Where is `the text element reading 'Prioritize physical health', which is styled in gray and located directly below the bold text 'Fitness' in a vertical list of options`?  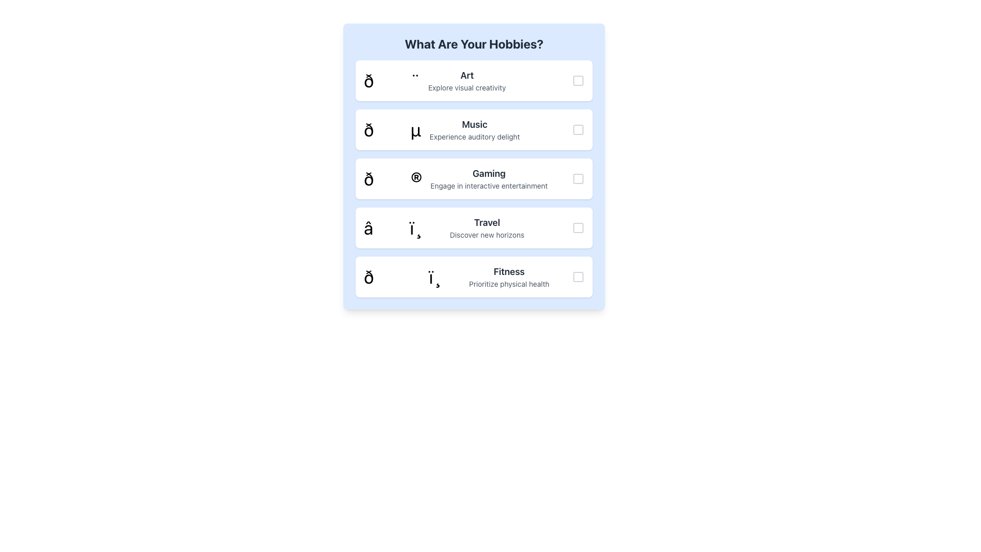 the text element reading 'Prioritize physical health', which is styled in gray and located directly below the bold text 'Fitness' in a vertical list of options is located at coordinates (509, 284).